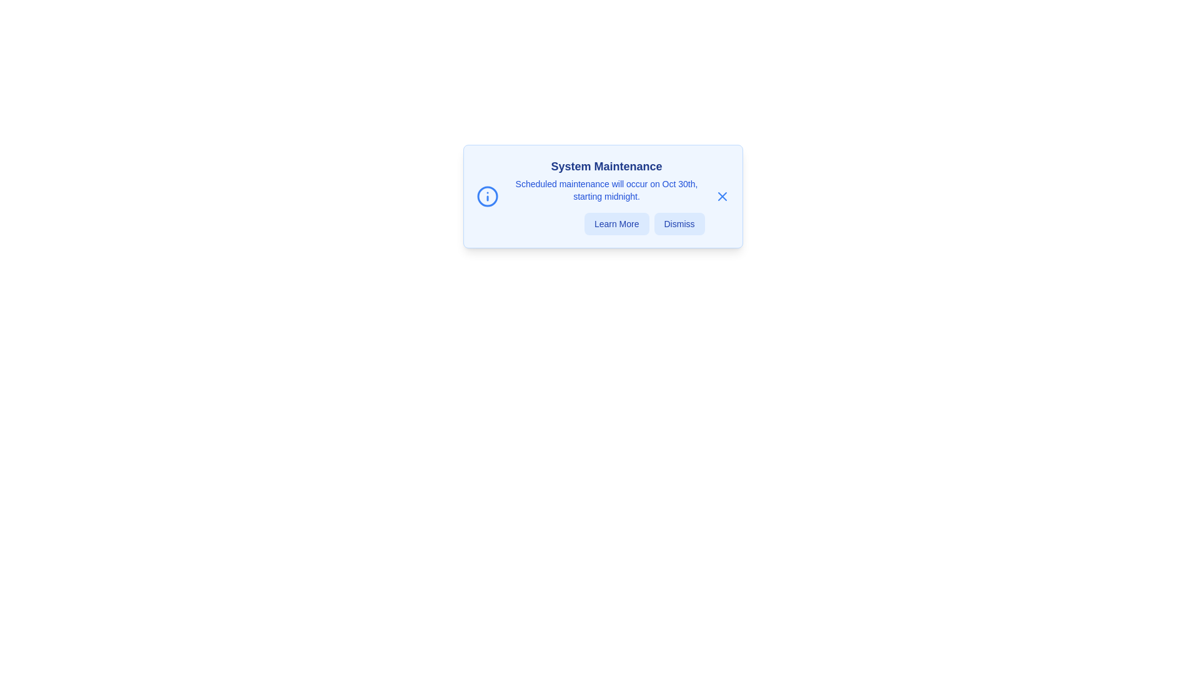  I want to click on the 'Learn More' button, which has a light blue background and blue text, so click(616, 223).